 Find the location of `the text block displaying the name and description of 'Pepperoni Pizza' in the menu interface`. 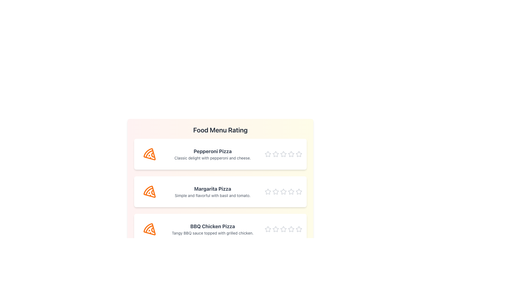

the text block displaying the name and description of 'Pepperoni Pizza' in the menu interface is located at coordinates (212, 154).